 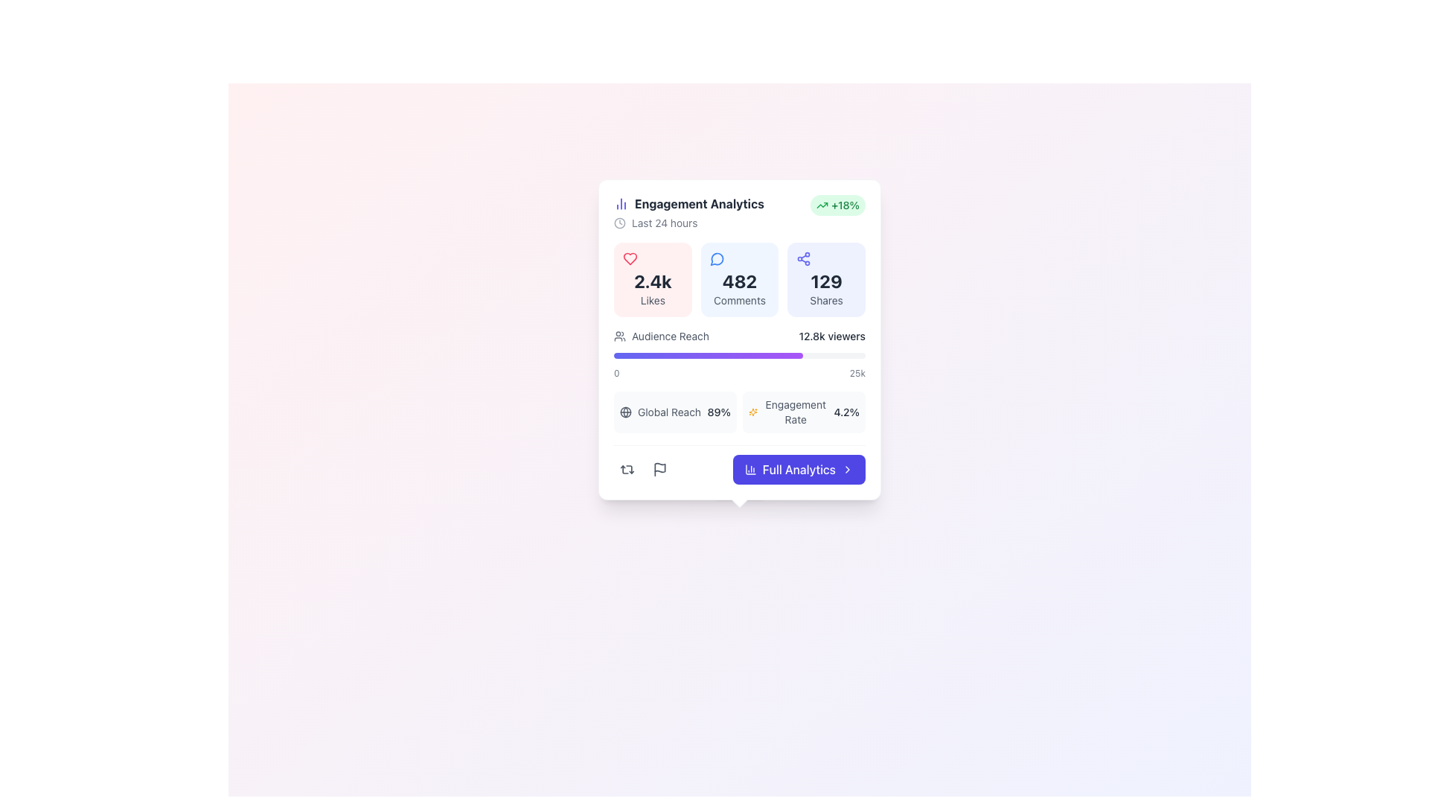 What do you see at coordinates (620, 223) in the screenshot?
I see `the SVG Circle, which serves as the circular outline of the clock icon located in the top-left corner of the 'Engagement Analytics' card box, next to the text 'Last 24 hours'` at bounding box center [620, 223].